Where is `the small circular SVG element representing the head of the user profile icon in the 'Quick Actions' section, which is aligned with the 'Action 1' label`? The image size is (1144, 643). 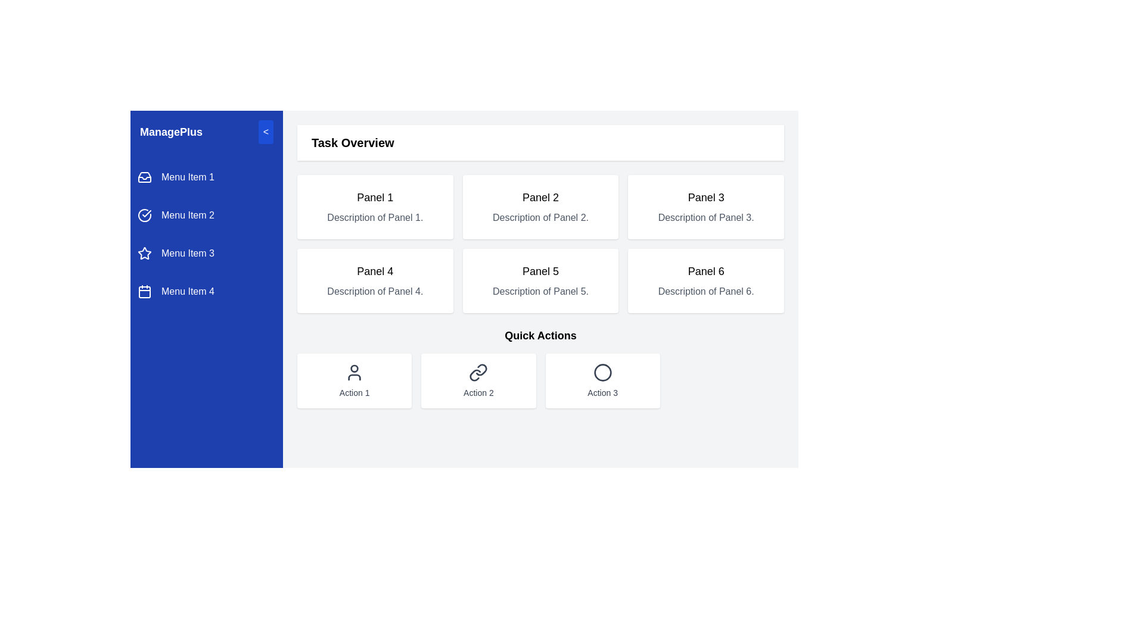
the small circular SVG element representing the head of the user profile icon in the 'Quick Actions' section, which is aligned with the 'Action 1' label is located at coordinates (354, 368).